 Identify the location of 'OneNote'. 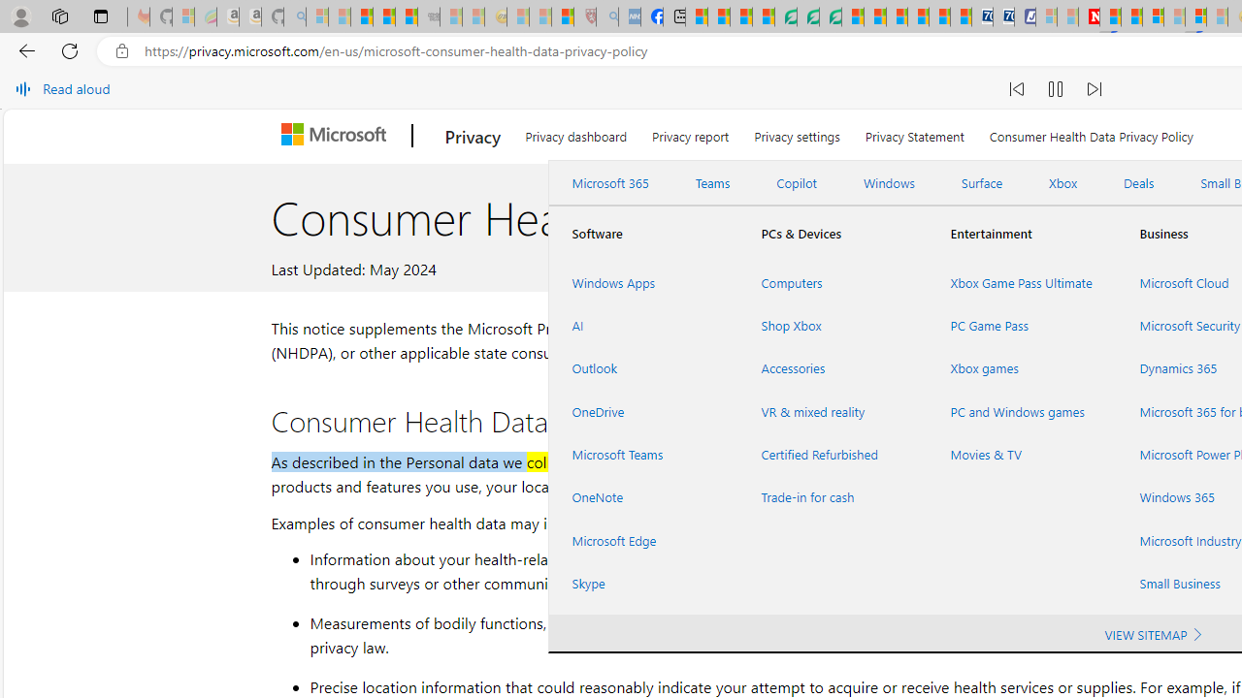
(643, 496).